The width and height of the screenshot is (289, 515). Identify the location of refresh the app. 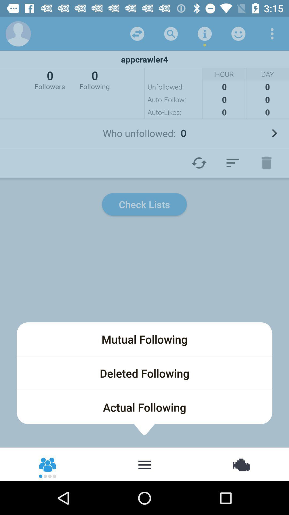
(137, 33).